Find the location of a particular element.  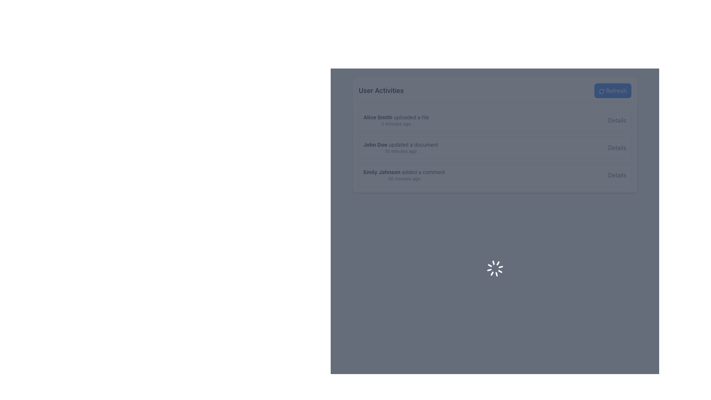

the label displaying 'Emily Johnson' in the 'User Activities' section, which indicates the user's action in the activity feed is located at coordinates (382, 172).